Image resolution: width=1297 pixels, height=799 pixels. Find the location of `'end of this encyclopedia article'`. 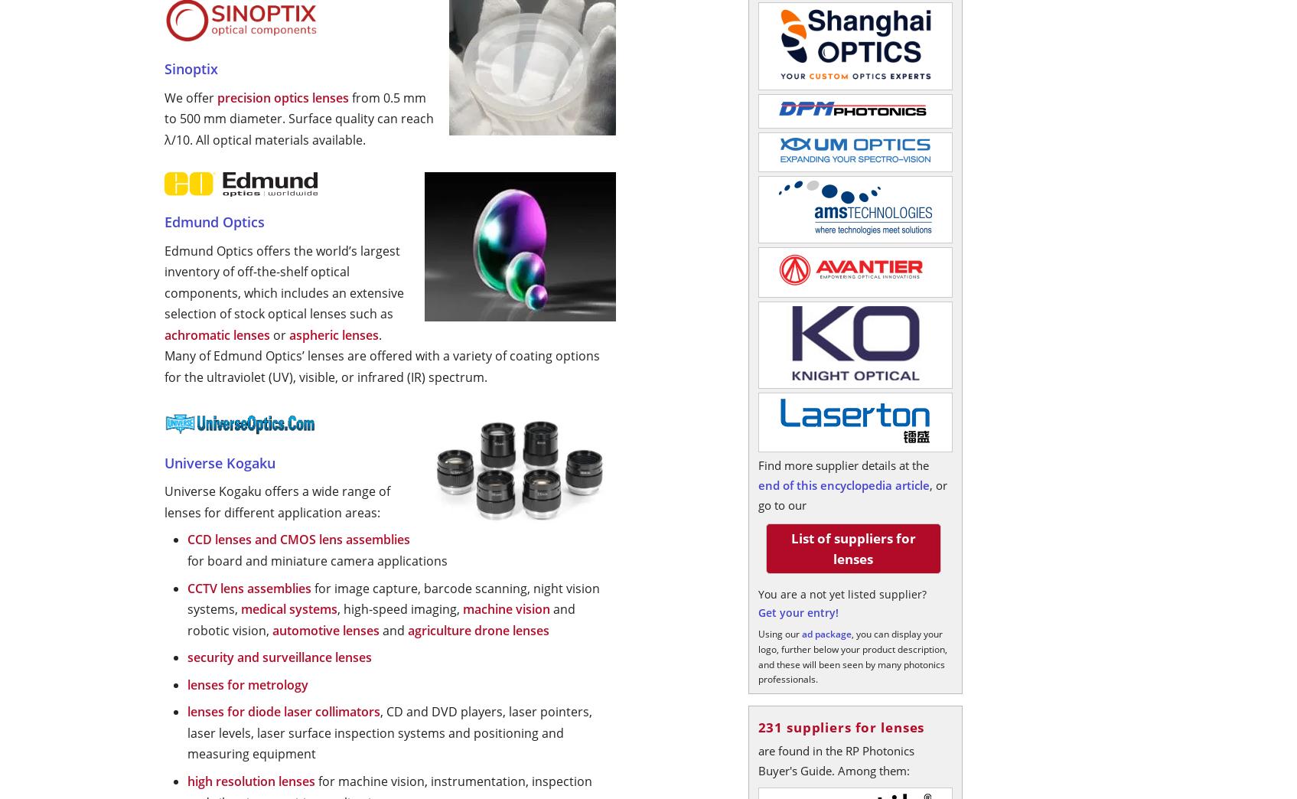

'end of this encyclopedia article' is located at coordinates (842, 485).